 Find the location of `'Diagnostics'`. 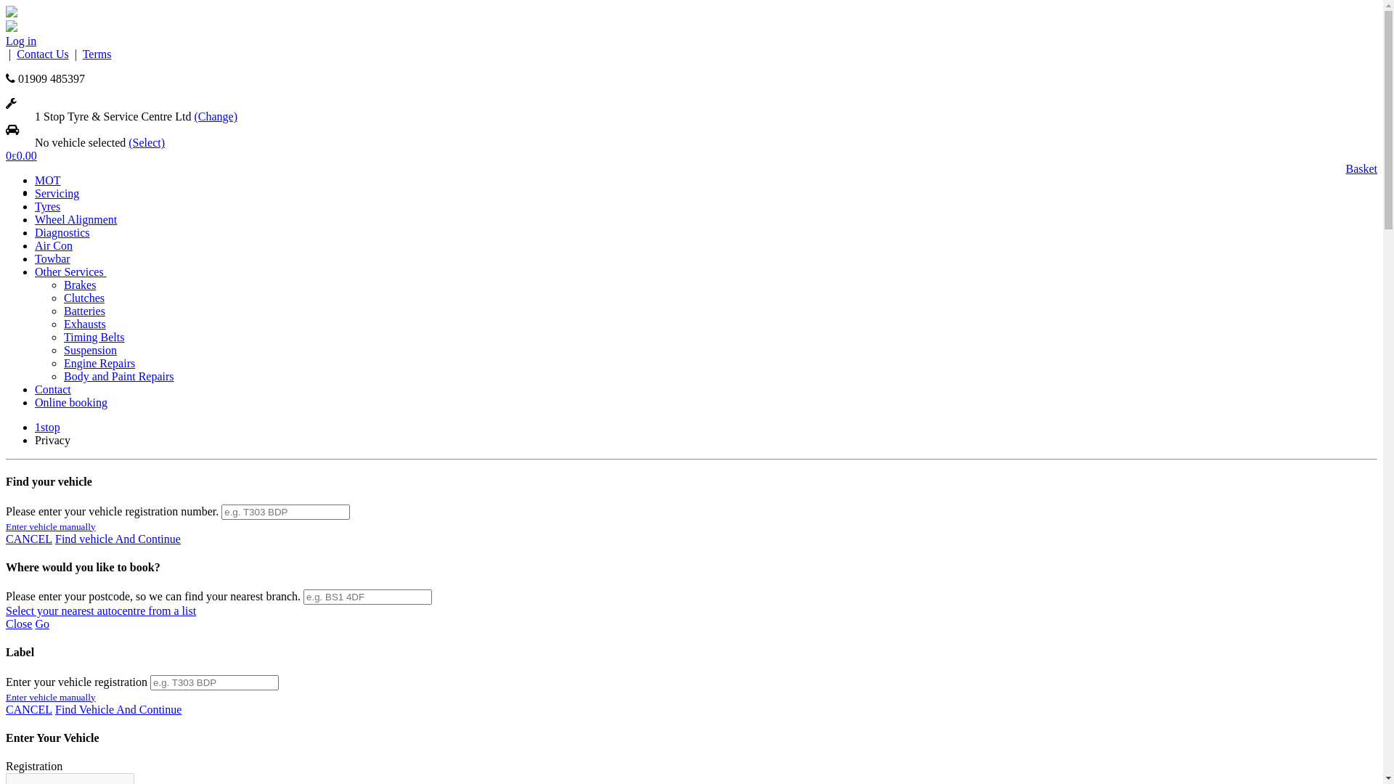

'Diagnostics' is located at coordinates (35, 232).